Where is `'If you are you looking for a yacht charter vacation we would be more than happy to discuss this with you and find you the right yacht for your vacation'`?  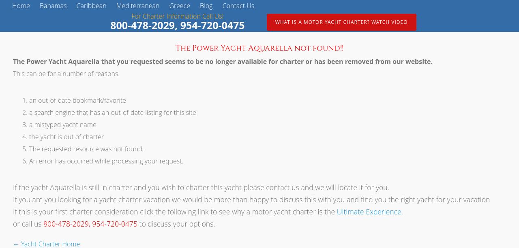
'If you are you looking for a yacht charter vacation we would be more than happy to discuss this with you and find you the right yacht for your vacation' is located at coordinates (251, 199).